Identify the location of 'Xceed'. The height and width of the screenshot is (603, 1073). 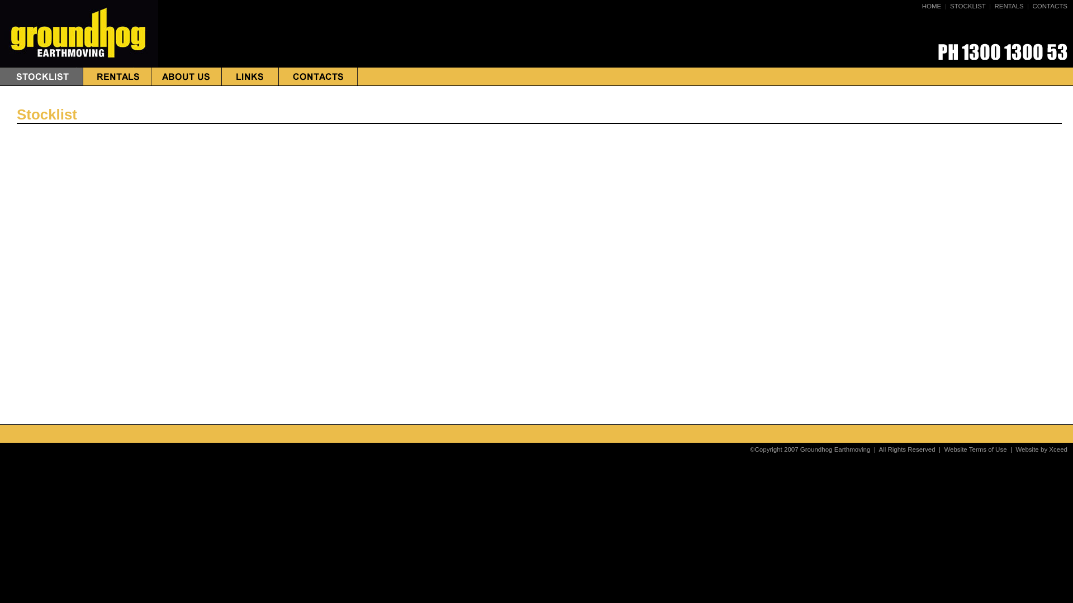
(1057, 449).